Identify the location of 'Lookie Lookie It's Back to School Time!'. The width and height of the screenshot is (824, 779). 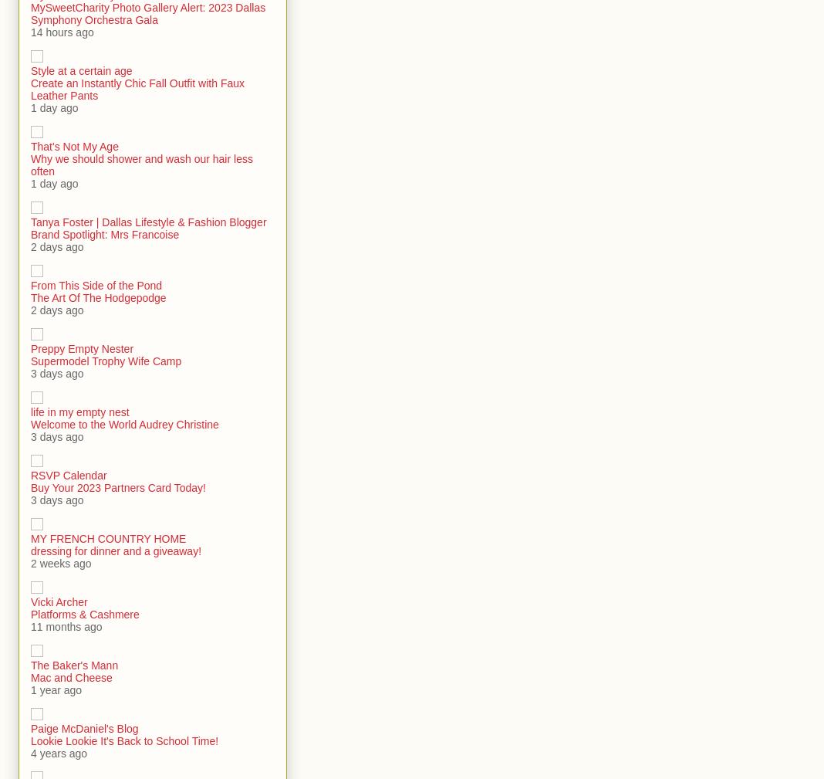
(124, 740).